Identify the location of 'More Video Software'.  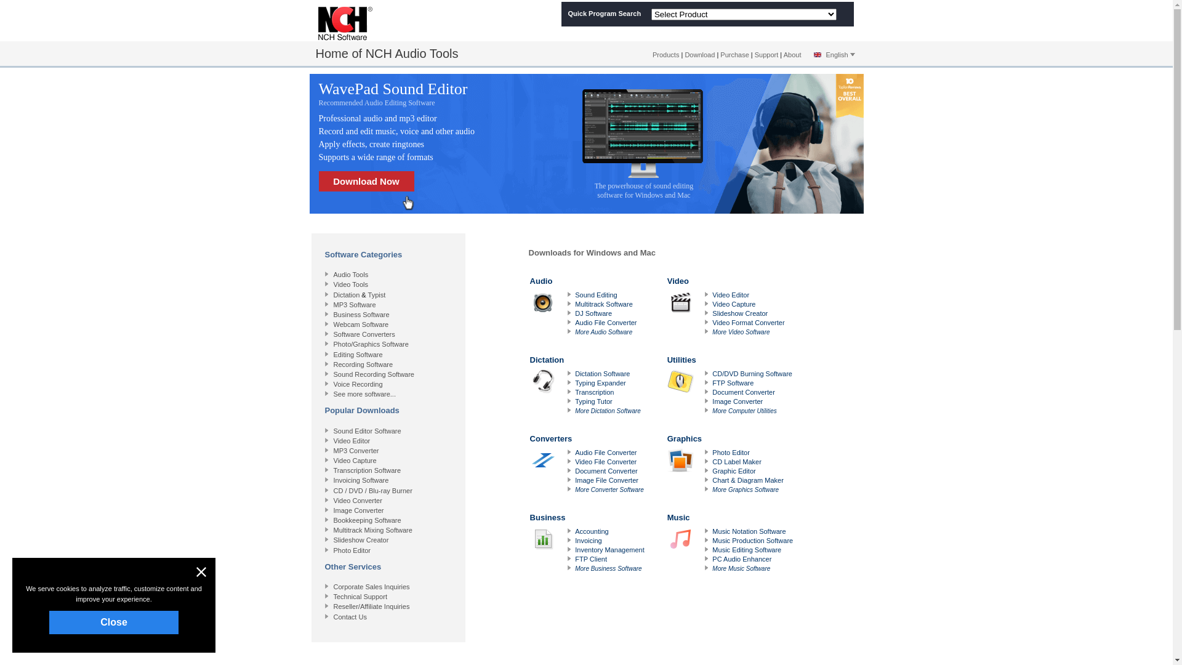
(740, 331).